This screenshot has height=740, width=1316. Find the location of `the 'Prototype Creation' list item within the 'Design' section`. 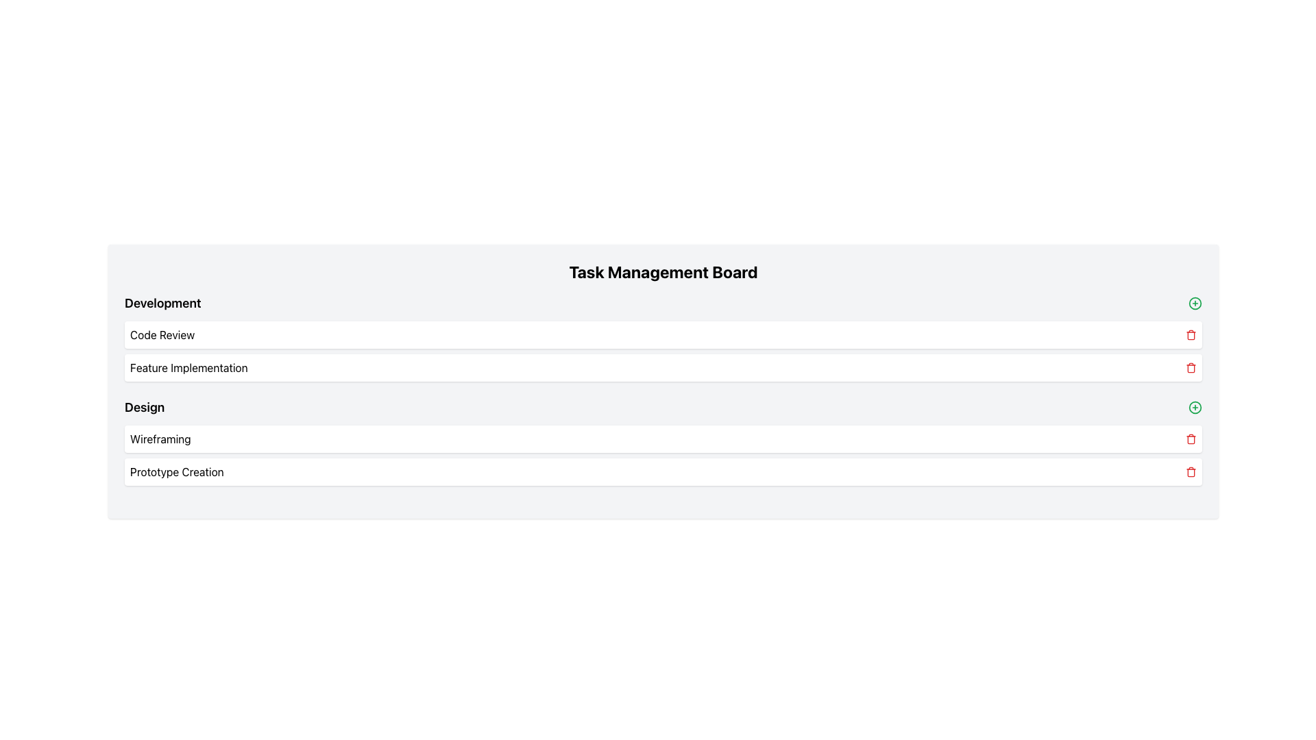

the 'Prototype Creation' list item within the 'Design' section is located at coordinates (663, 471).